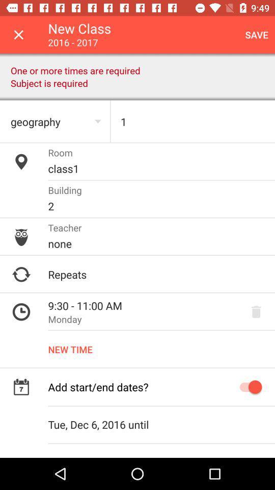 This screenshot has height=490, width=275. Describe the element at coordinates (256, 311) in the screenshot. I see `put in trash can` at that location.